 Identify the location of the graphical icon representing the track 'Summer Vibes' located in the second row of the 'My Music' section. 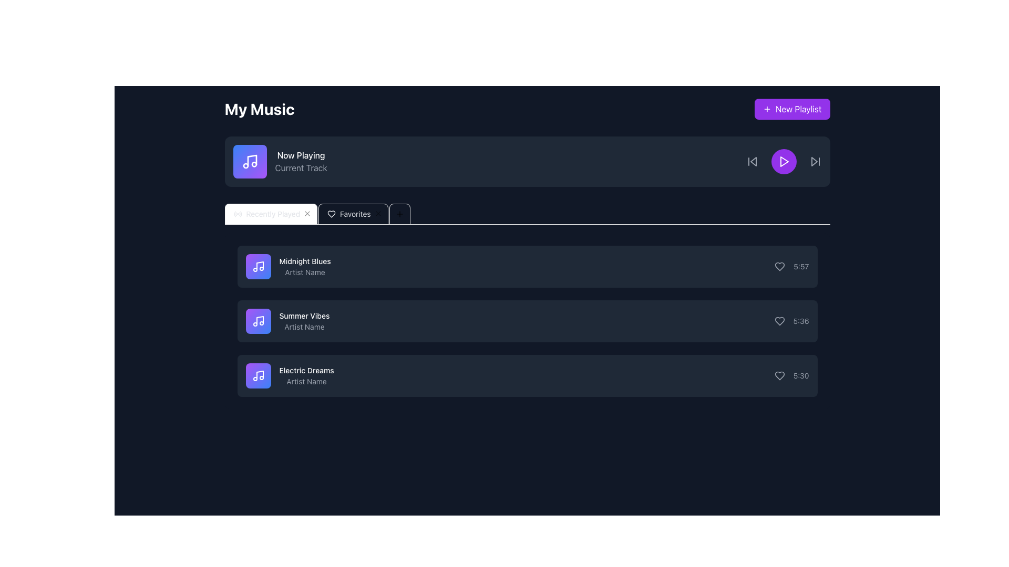
(258, 321).